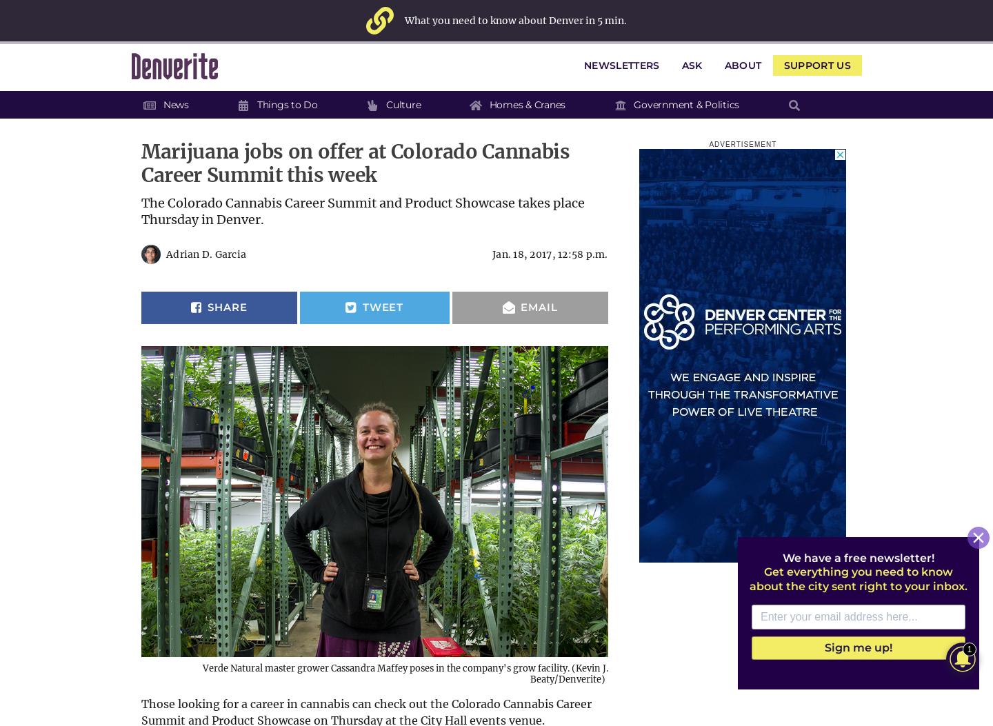  Describe the element at coordinates (141, 163) in the screenshot. I see `'Marijuana jobs on offer at Colorado Cannabis Career Summit this week'` at that location.